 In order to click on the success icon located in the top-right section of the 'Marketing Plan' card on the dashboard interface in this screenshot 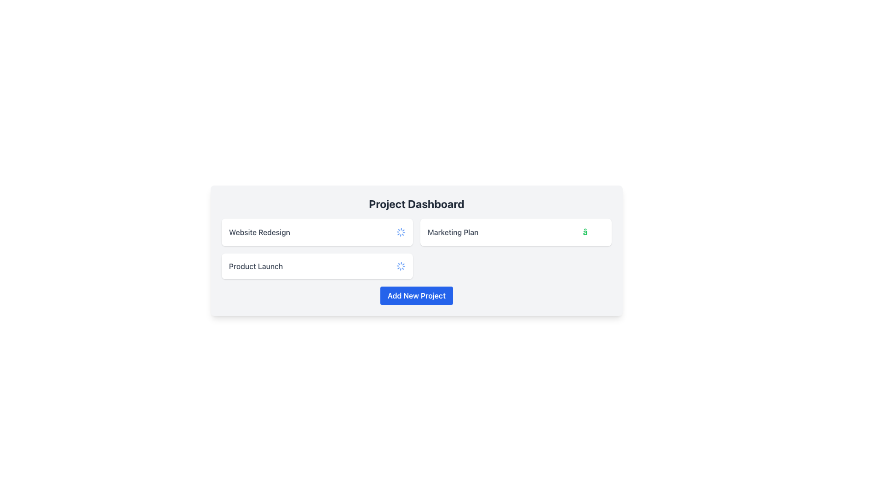, I will do `click(594, 231)`.